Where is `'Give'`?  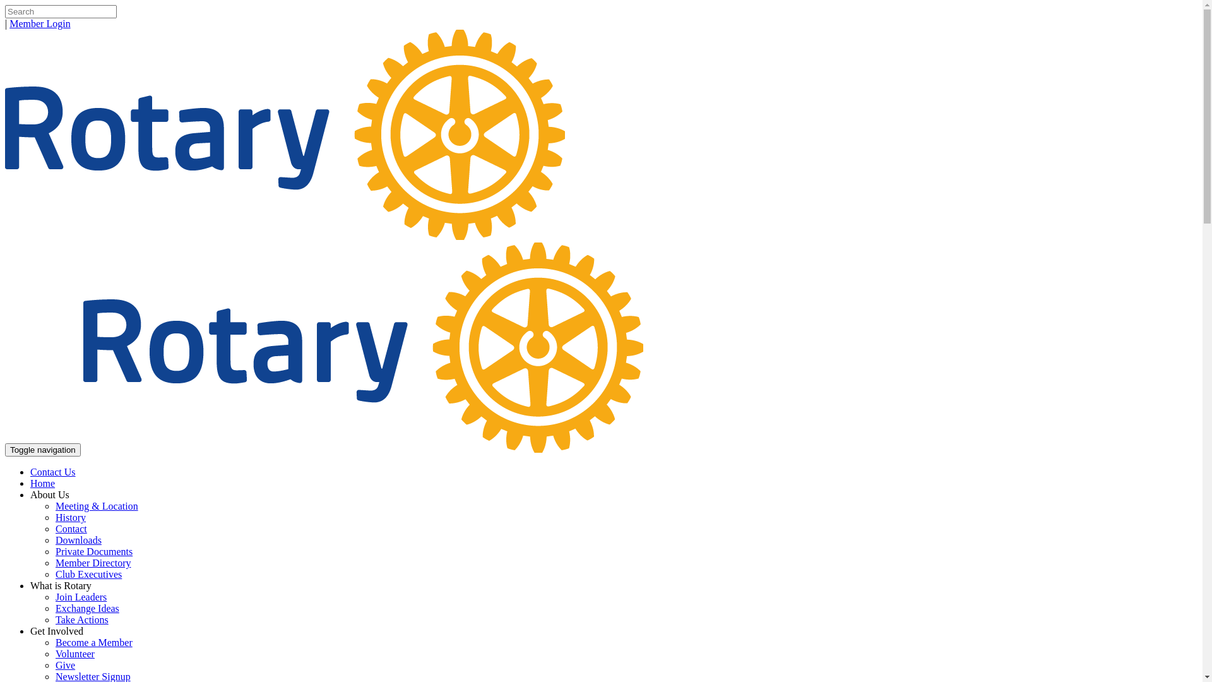 'Give' is located at coordinates (64, 664).